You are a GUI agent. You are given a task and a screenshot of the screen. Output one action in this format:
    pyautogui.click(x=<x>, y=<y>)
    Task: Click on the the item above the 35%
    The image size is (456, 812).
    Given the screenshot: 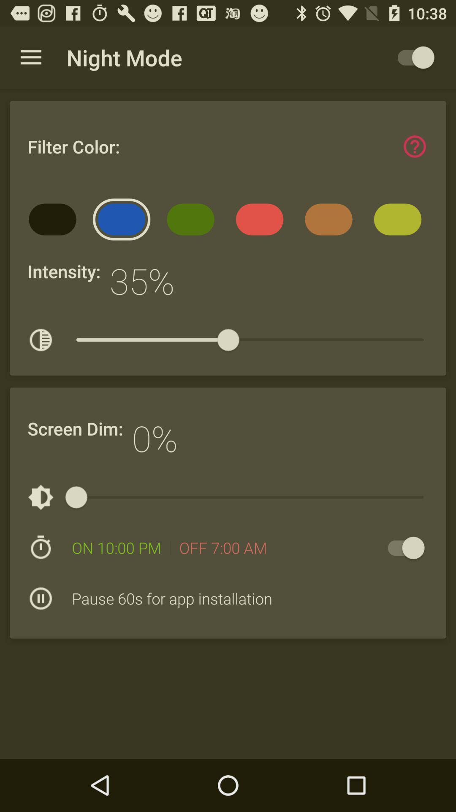 What is the action you would take?
    pyautogui.click(x=193, y=222)
    